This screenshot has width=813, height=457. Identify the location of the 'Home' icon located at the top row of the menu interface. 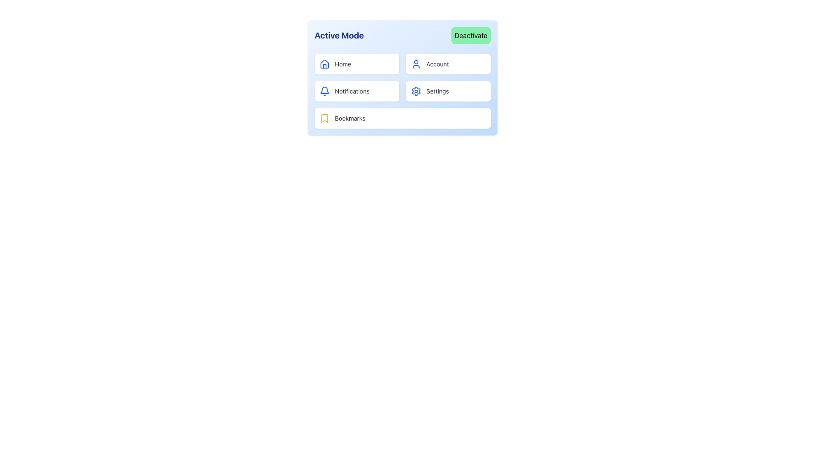
(324, 63).